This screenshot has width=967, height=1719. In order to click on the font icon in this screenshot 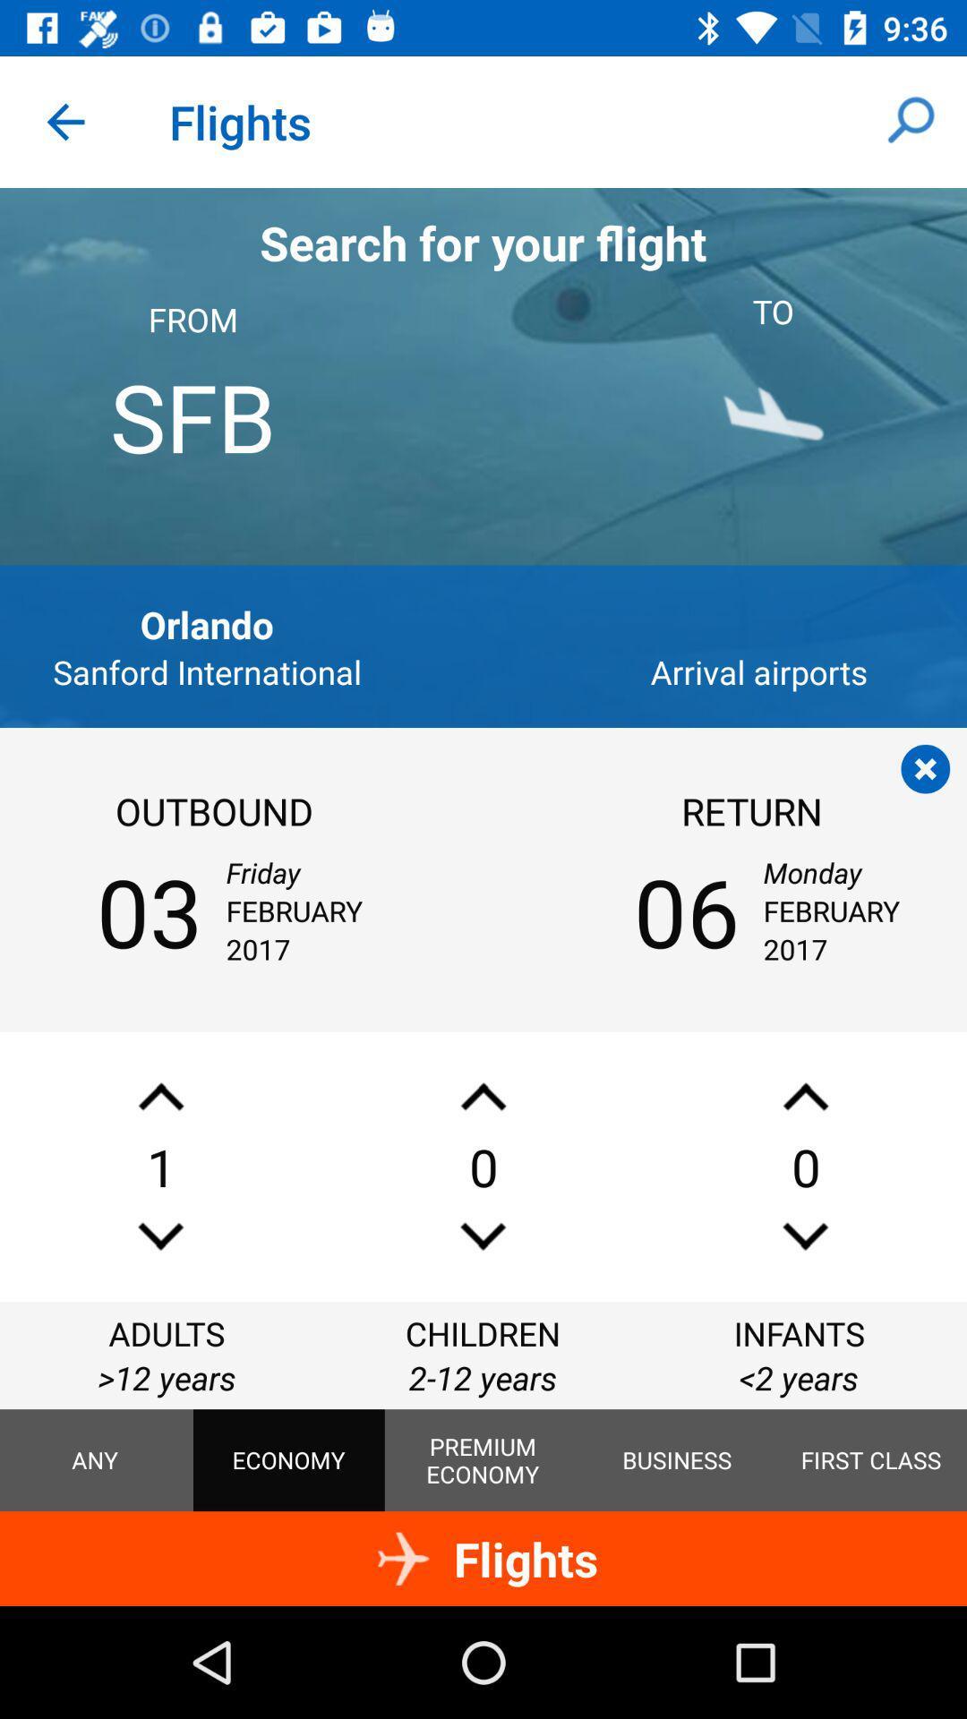, I will do `click(804, 1096)`.